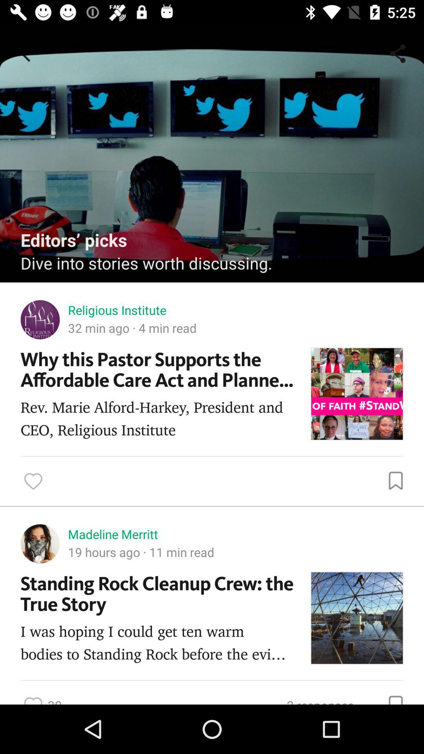 The height and width of the screenshot is (754, 424). I want to click on item at the top right corner, so click(399, 53).